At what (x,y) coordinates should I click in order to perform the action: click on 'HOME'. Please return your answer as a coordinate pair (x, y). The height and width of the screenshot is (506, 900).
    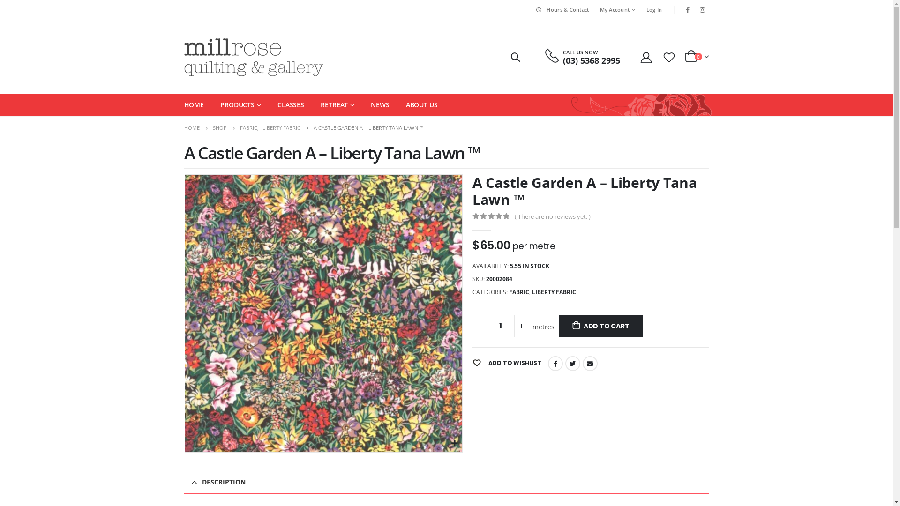
    Looking at the image, I should click on (191, 128).